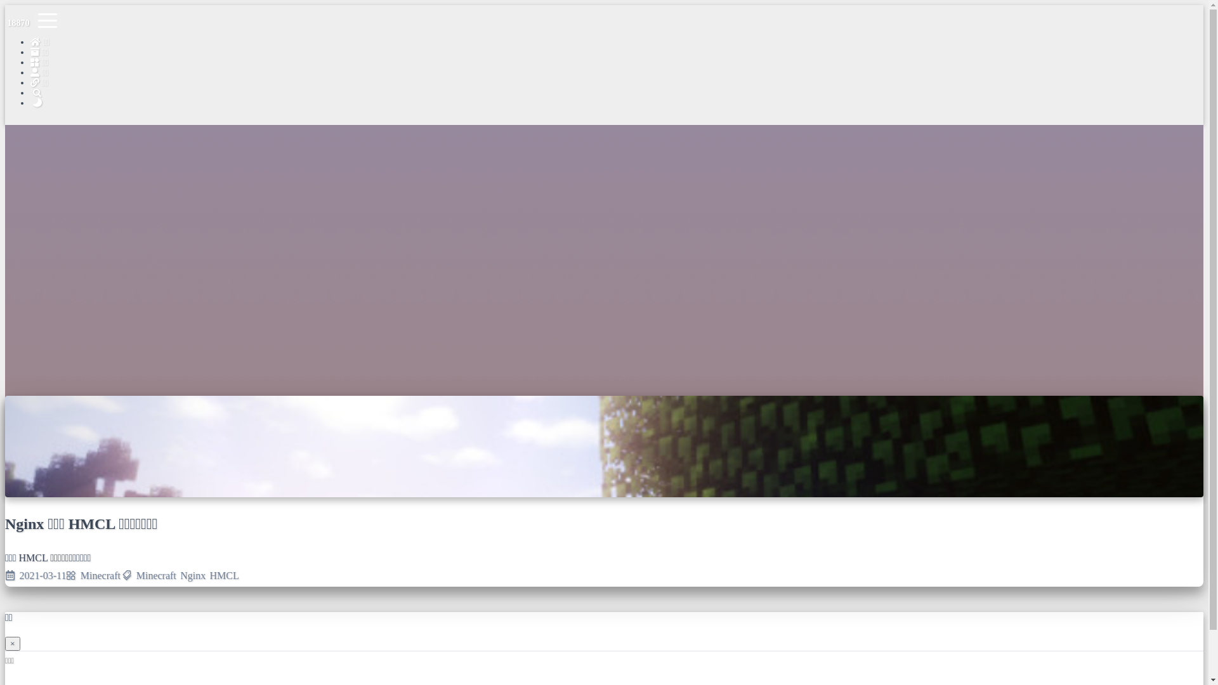 The height and width of the screenshot is (685, 1218). Describe the element at coordinates (18, 23) in the screenshot. I see `' 18870 '` at that location.